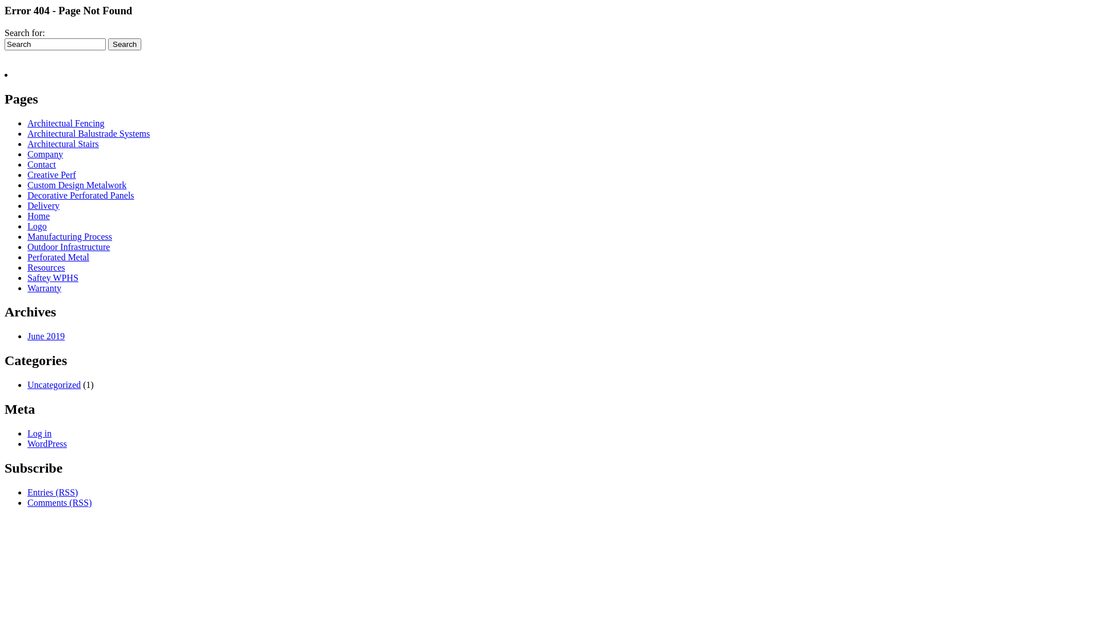 The width and height of the screenshot is (1098, 618). I want to click on 'Custom Design Metalwork', so click(76, 184).